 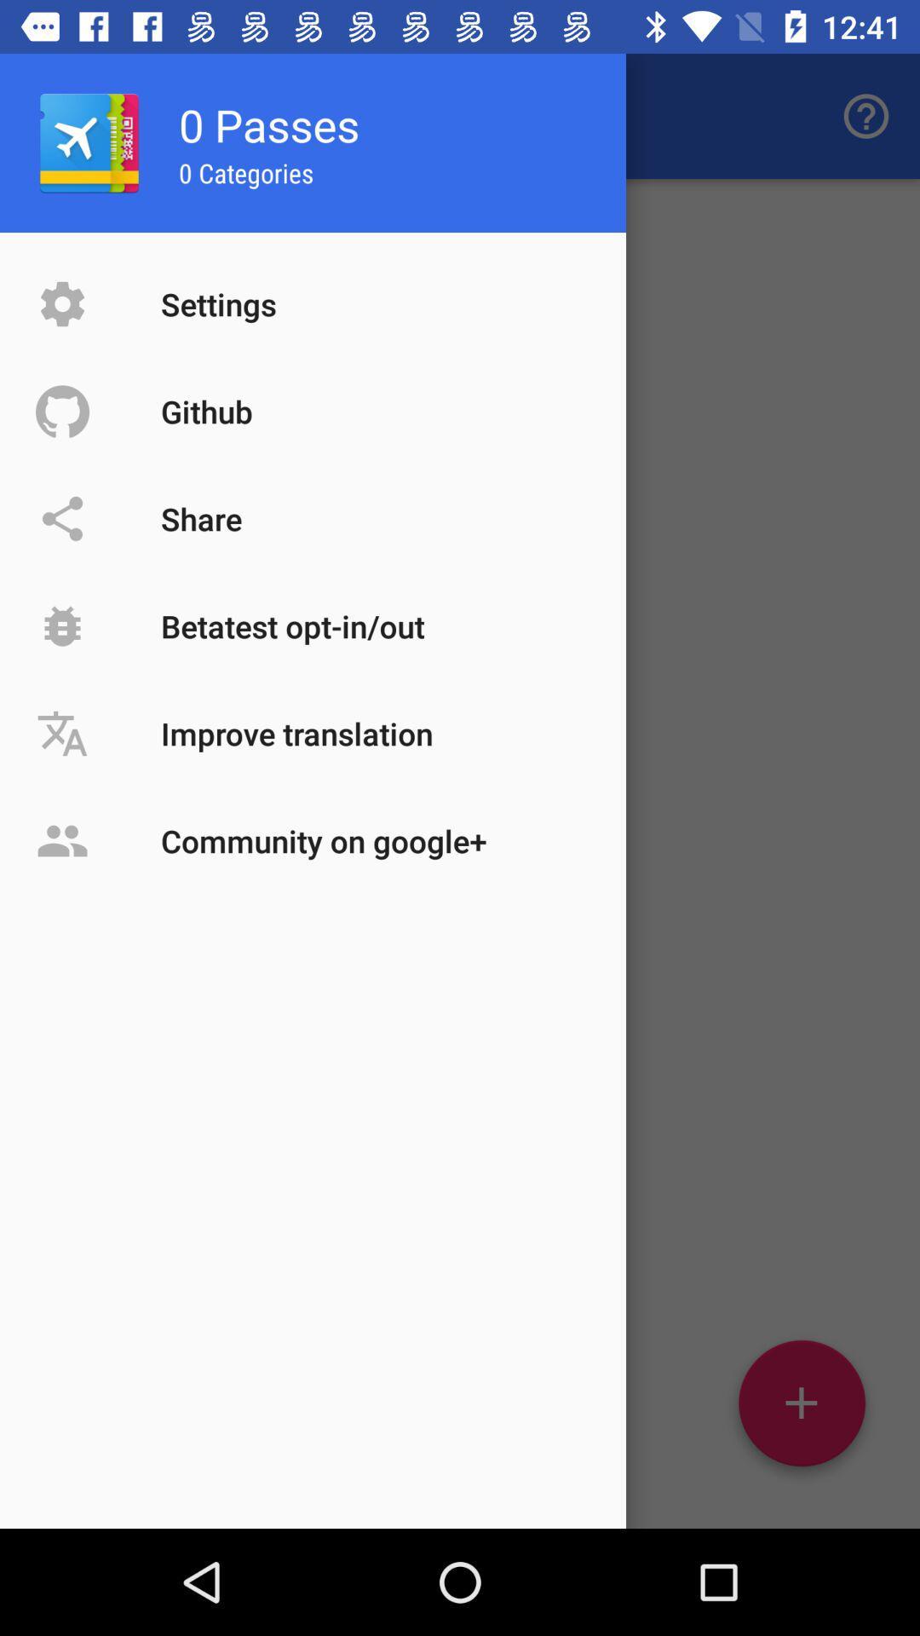 I want to click on the add icon, so click(x=802, y=1409).